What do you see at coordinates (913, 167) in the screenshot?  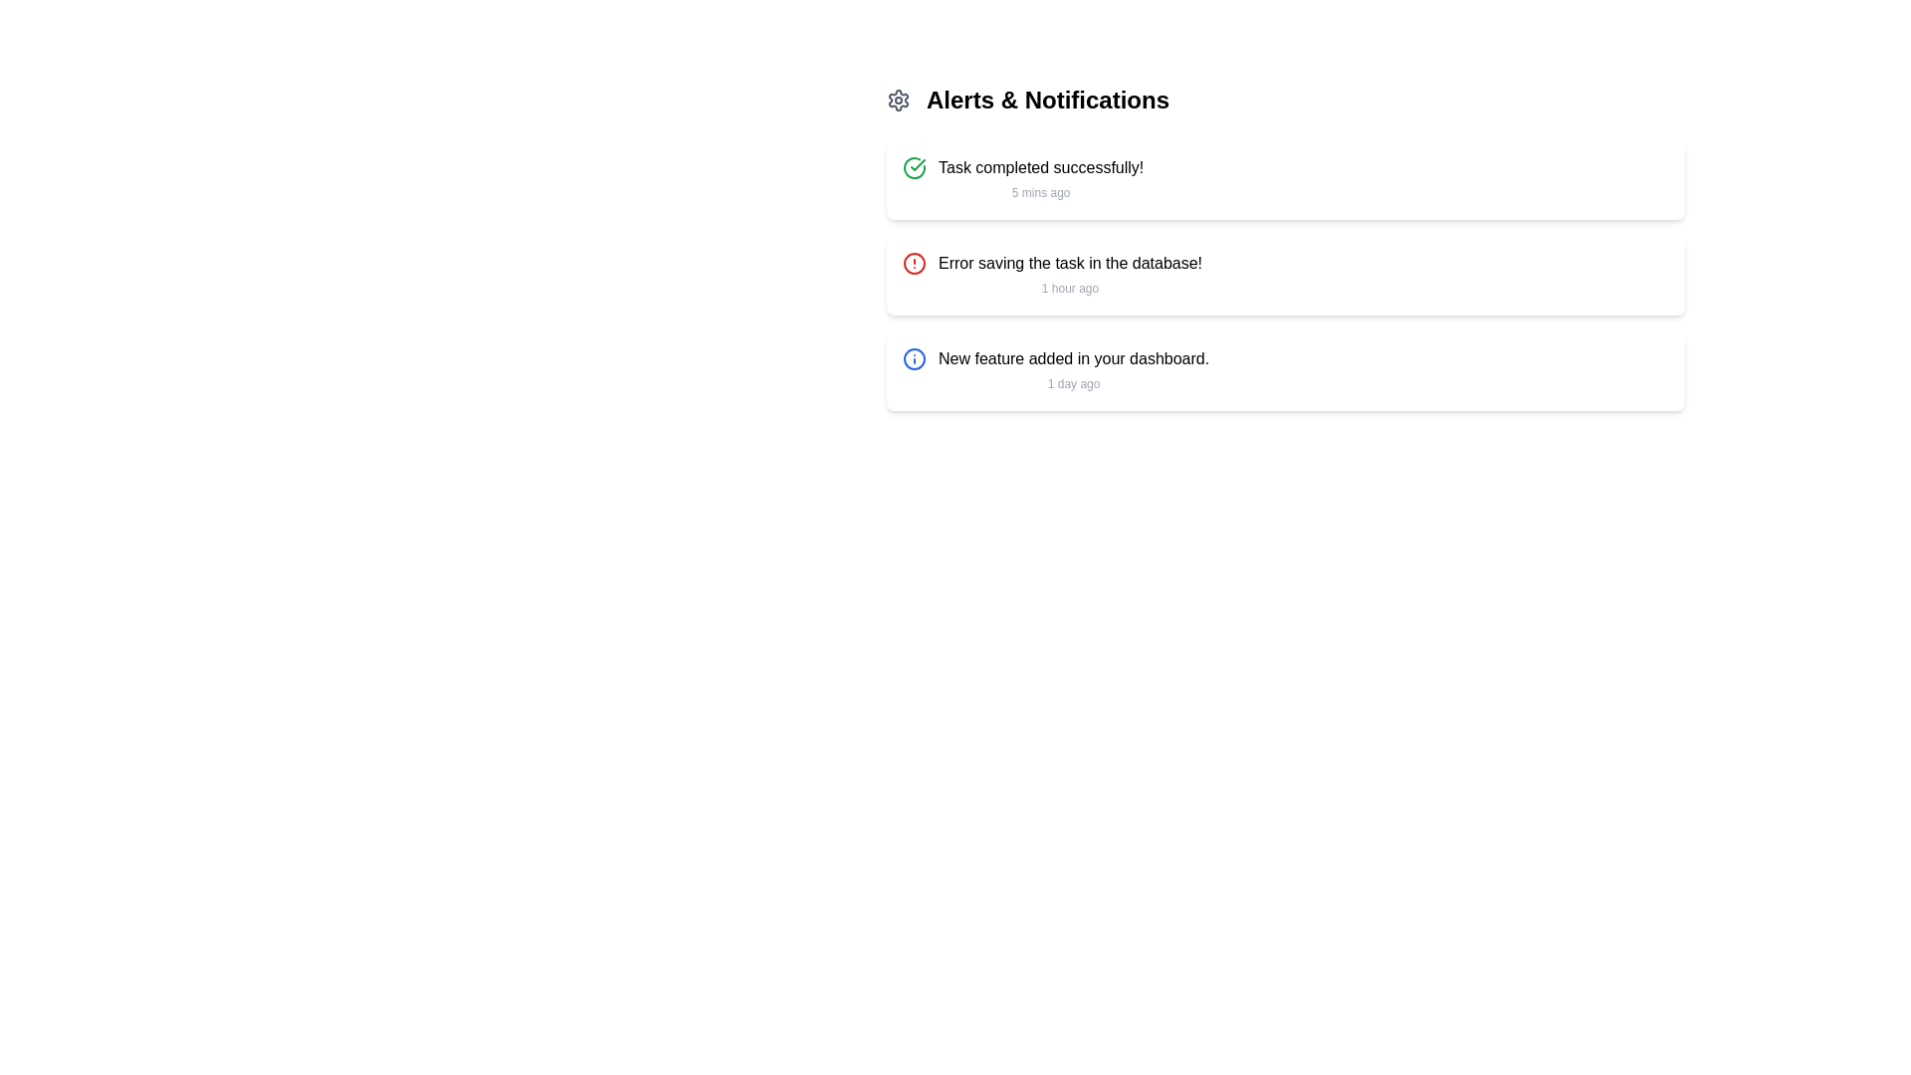 I see `the checkmark icon inside a green circle located to the left of the message 'Task completed successfully!' in the first notification entry of the 'Alerts & Notifications' list` at bounding box center [913, 167].